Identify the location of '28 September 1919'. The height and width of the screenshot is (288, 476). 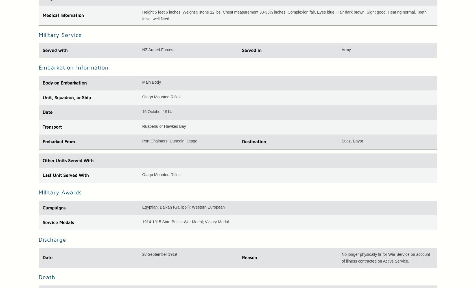
(159, 254).